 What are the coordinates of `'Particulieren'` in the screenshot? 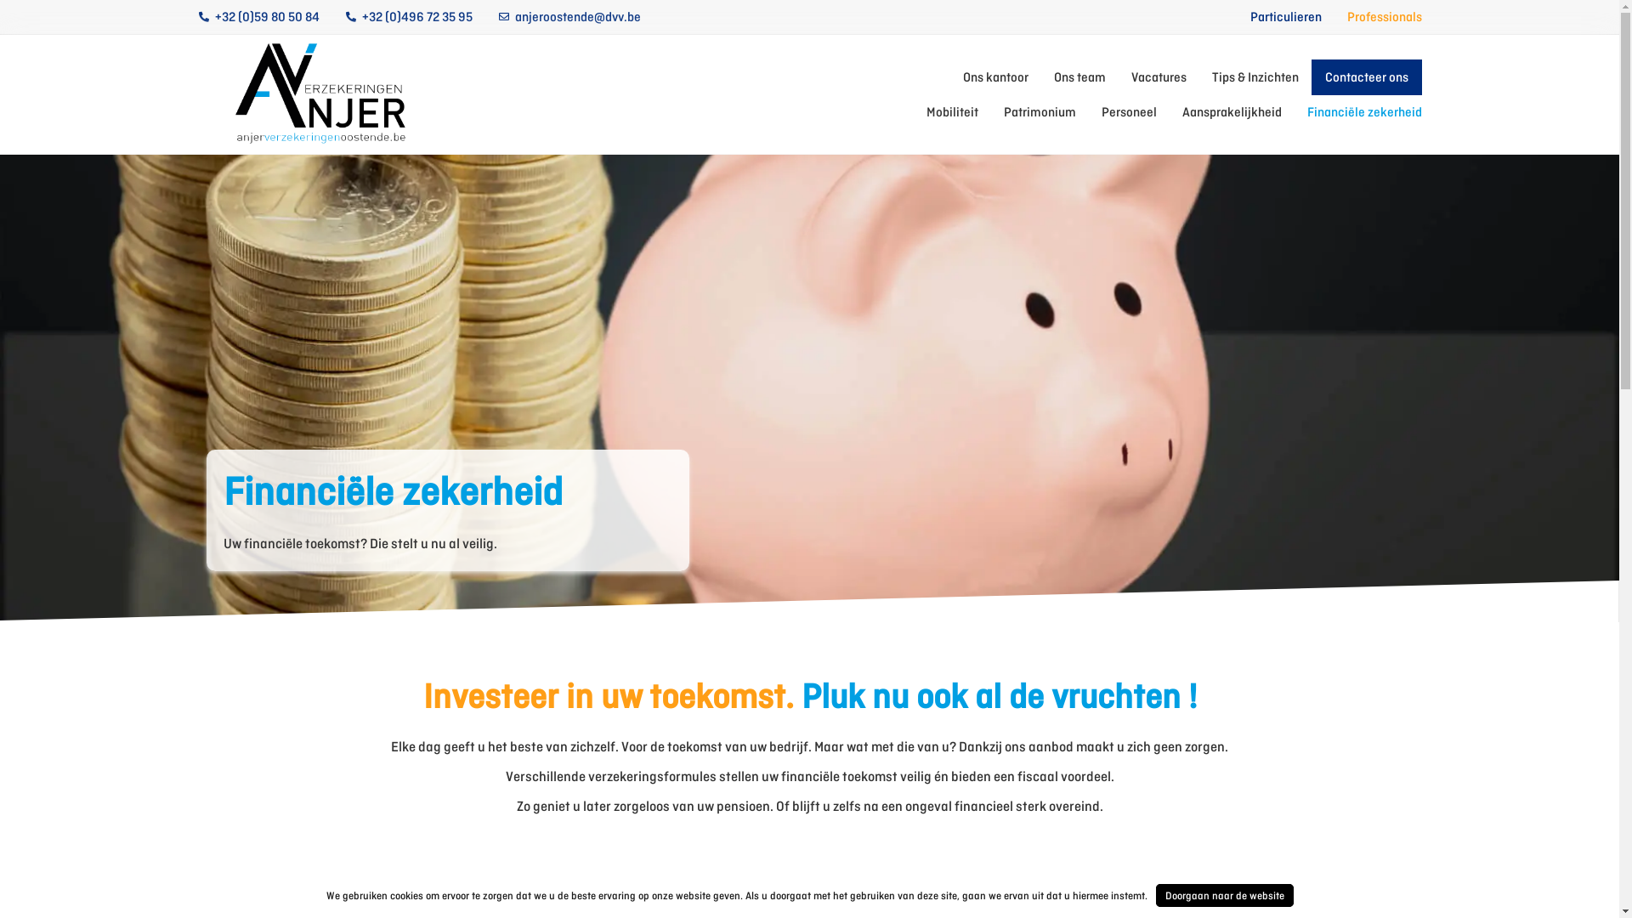 It's located at (1285, 16).